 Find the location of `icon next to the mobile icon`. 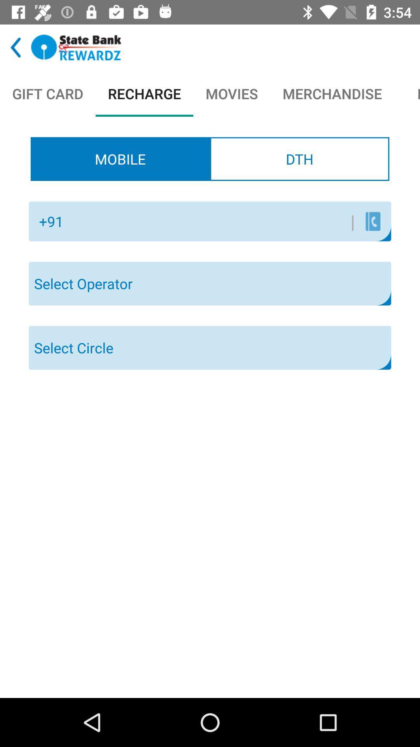

icon next to the mobile icon is located at coordinates (299, 158).